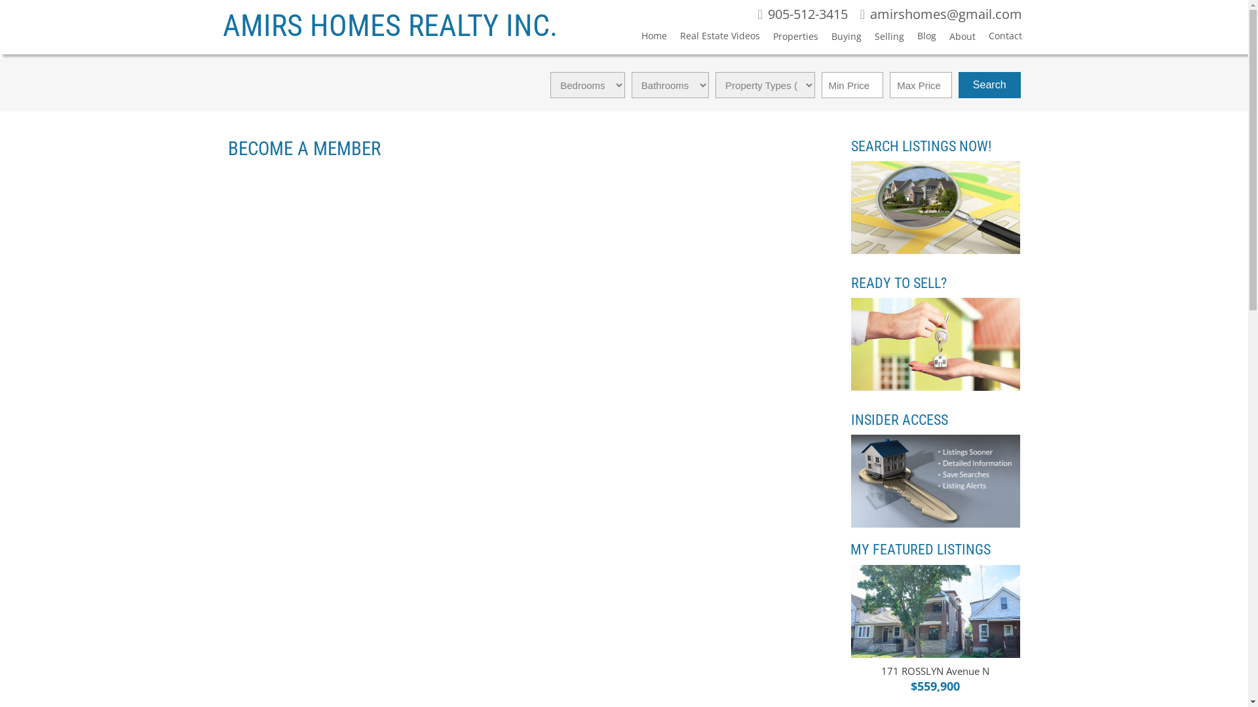 Image resolution: width=1258 pixels, height=707 pixels. I want to click on 'amirshomes@gmail.com', so click(940, 15).